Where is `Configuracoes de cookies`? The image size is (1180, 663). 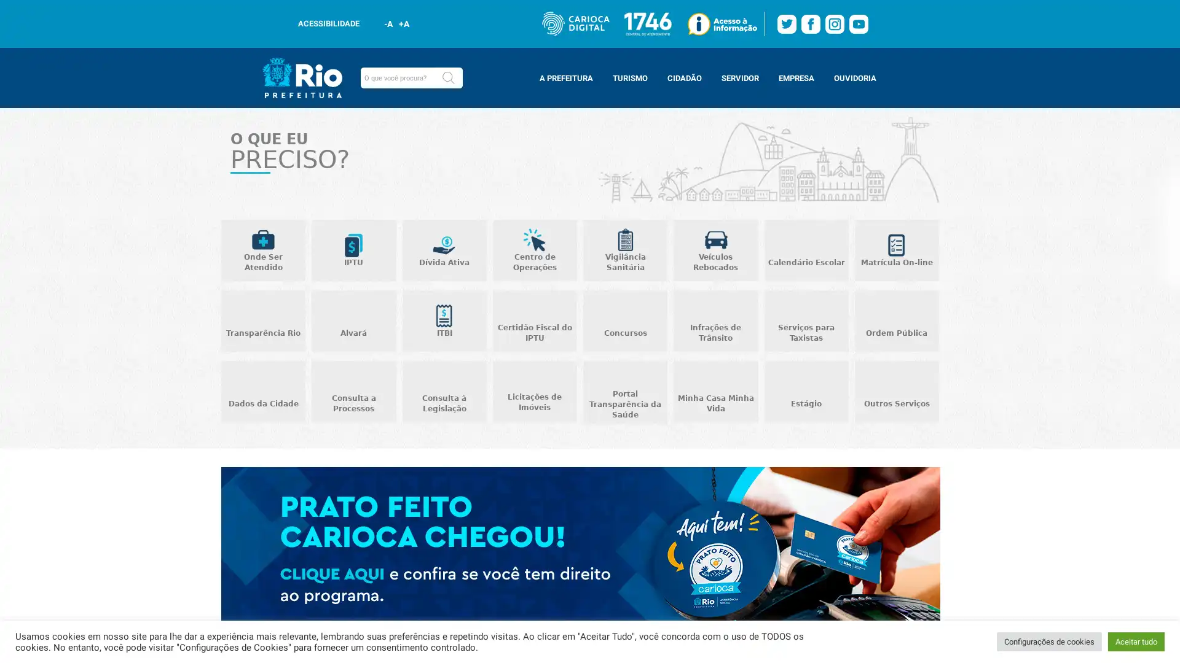 Configuracoes de cookies is located at coordinates (1048, 641).